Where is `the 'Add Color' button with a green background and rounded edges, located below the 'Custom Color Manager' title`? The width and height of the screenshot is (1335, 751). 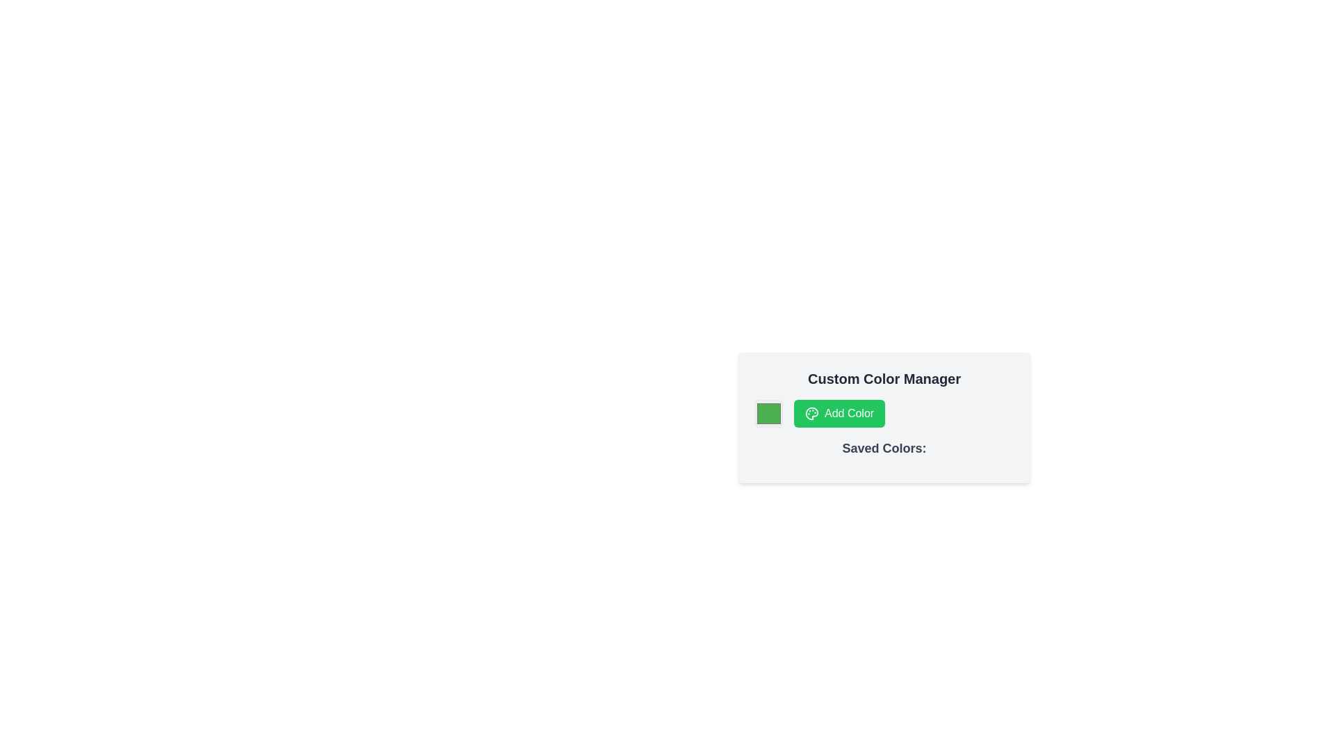 the 'Add Color' button with a green background and rounded edges, located below the 'Custom Color Manager' title is located at coordinates (884, 417).